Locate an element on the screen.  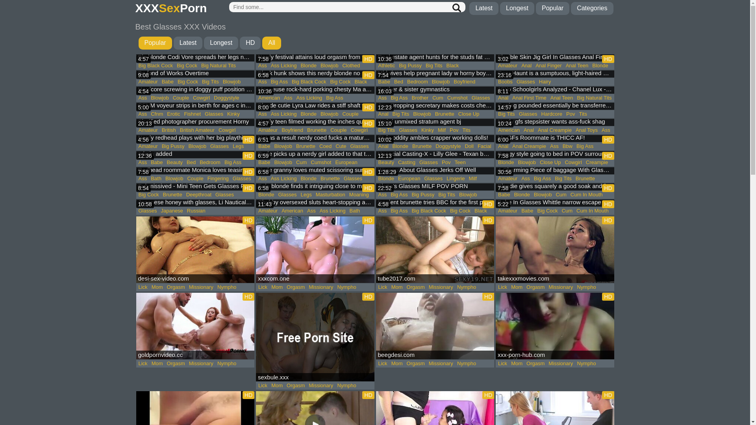
'Anal First Time' is located at coordinates (510, 98).